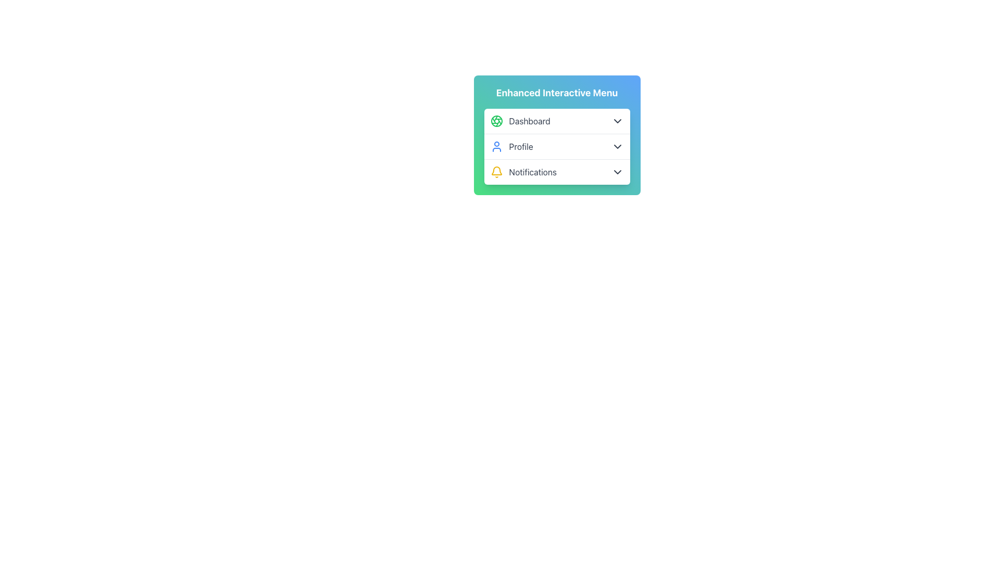 The width and height of the screenshot is (1000, 562). I want to click on the dropdown icon located at the top-right corner of the 'Profile' row in the vertical menu, so click(617, 146).